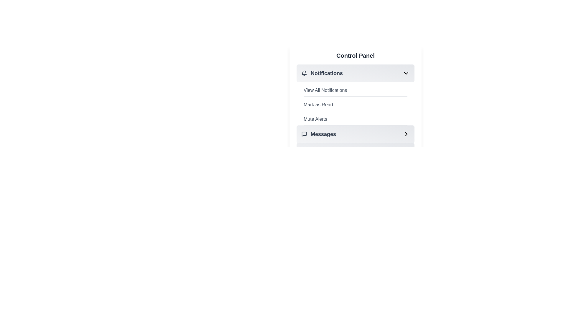 The width and height of the screenshot is (566, 318). What do you see at coordinates (315, 119) in the screenshot?
I see `the 'Mute Alerts' text label located within the 'Notifications' dropdown menu, positioned as the third option below 'View All Notifications' and 'Mark as Read'` at bounding box center [315, 119].